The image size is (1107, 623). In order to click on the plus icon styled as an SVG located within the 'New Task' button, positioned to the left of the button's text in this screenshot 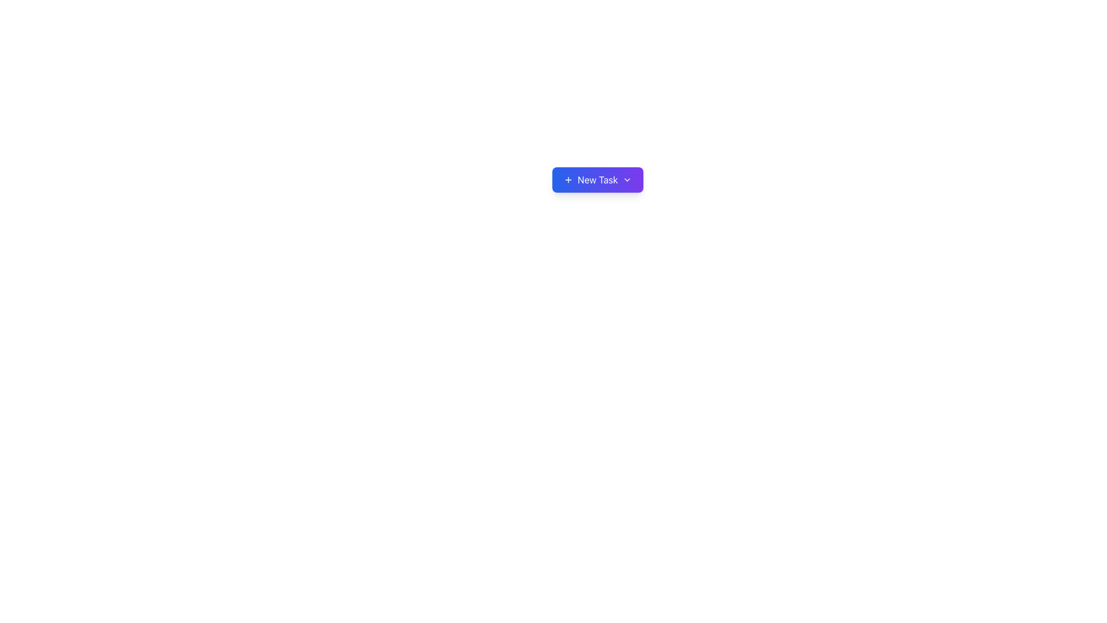, I will do `click(568, 180)`.